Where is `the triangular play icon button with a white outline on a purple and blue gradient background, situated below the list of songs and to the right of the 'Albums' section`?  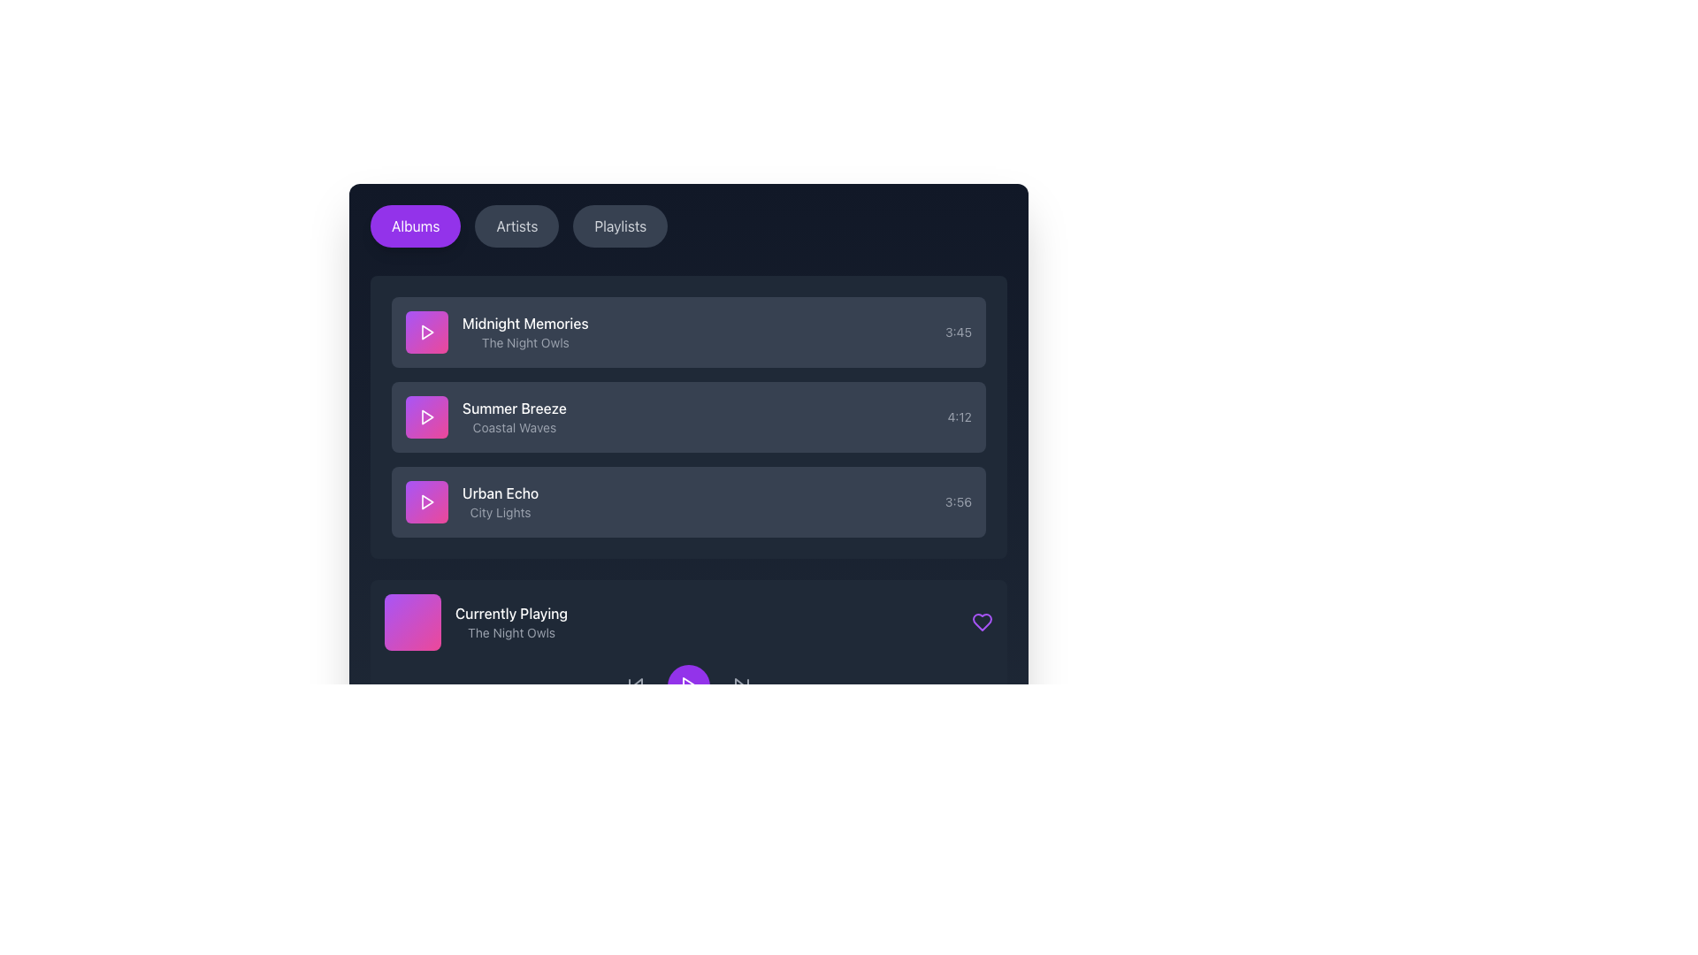
the triangular play icon button with a white outline on a purple and blue gradient background, situated below the list of songs and to the right of the 'Albums' section is located at coordinates (427, 416).